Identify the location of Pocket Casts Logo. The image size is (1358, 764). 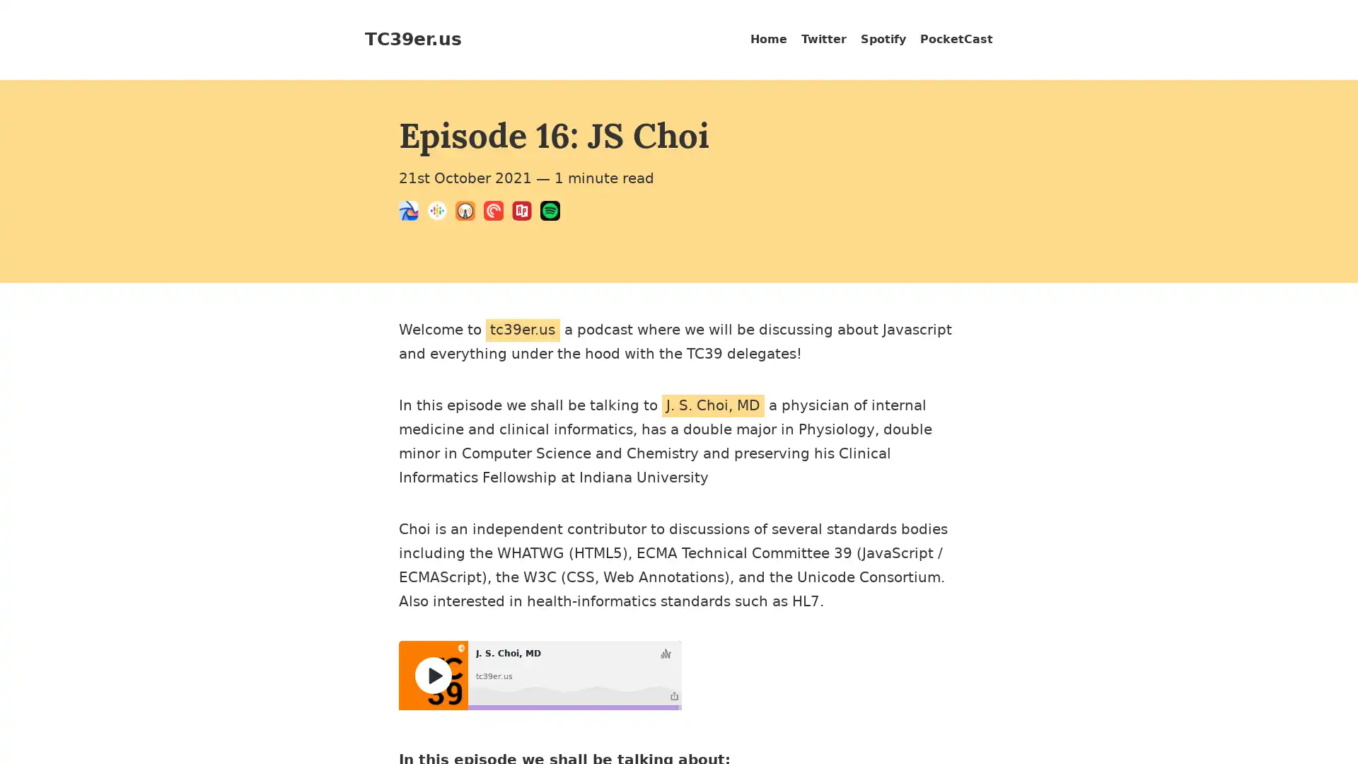
(498, 213).